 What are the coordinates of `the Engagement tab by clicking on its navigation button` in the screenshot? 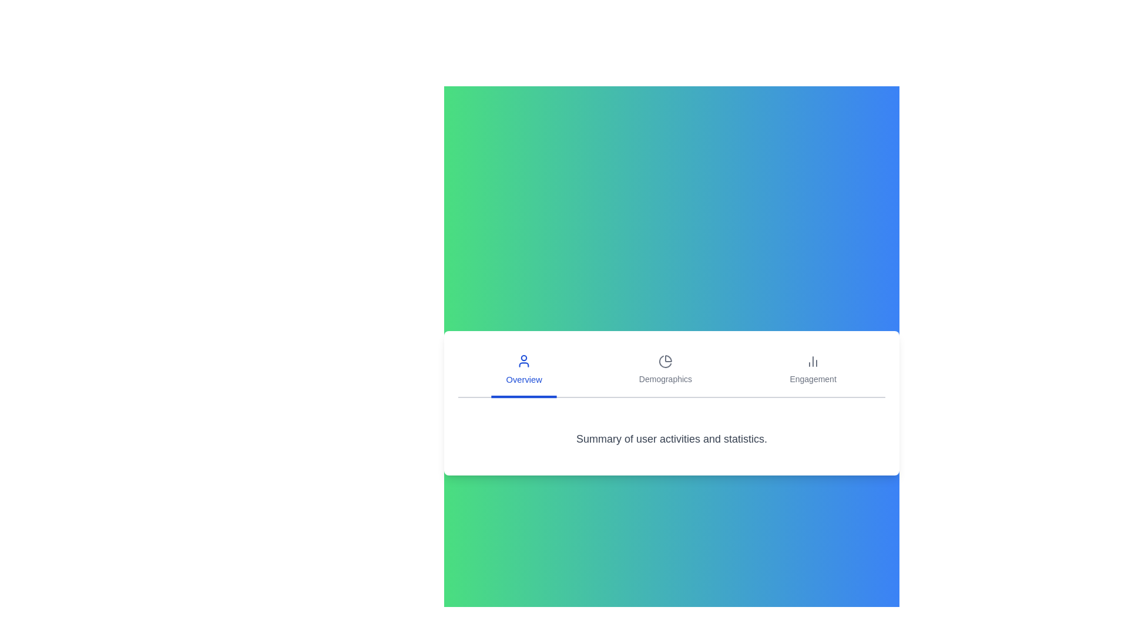 It's located at (813, 371).